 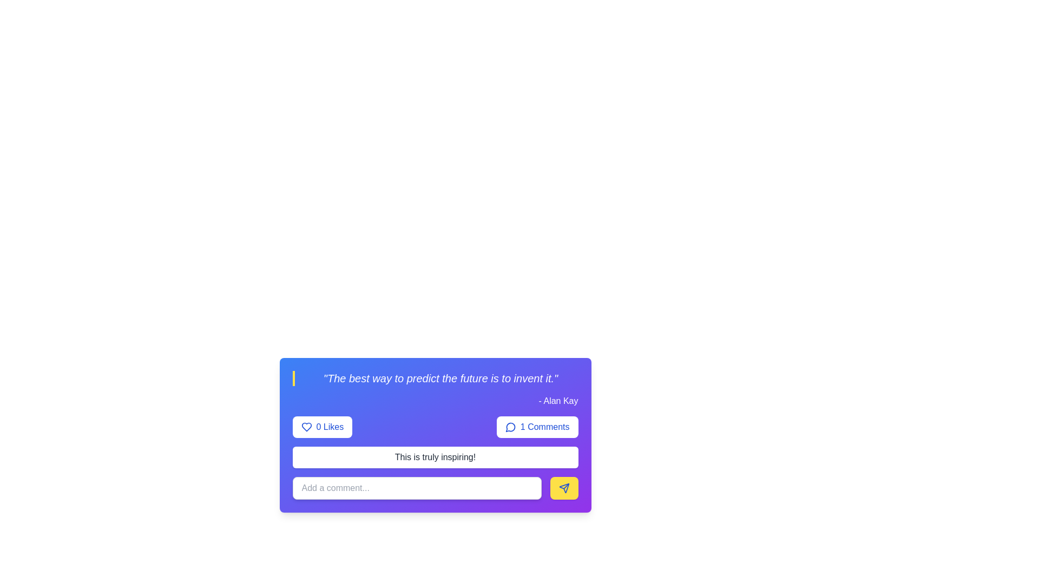 I want to click on the text label displaying '0 Likes' in blue text, which is located to the right of a heart-shaped icon within a white button, so click(x=329, y=427).